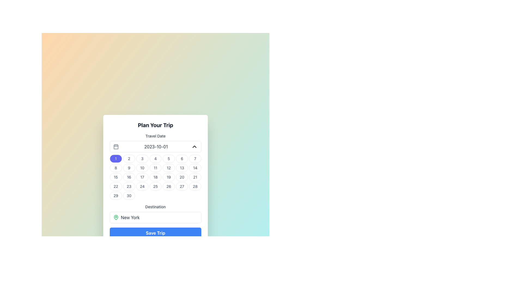 This screenshot has width=523, height=294. What do you see at coordinates (155, 186) in the screenshot?
I see `the circular button with a white background and the text '25' in bold, located in the 25th position of the calendar grid layout` at bounding box center [155, 186].